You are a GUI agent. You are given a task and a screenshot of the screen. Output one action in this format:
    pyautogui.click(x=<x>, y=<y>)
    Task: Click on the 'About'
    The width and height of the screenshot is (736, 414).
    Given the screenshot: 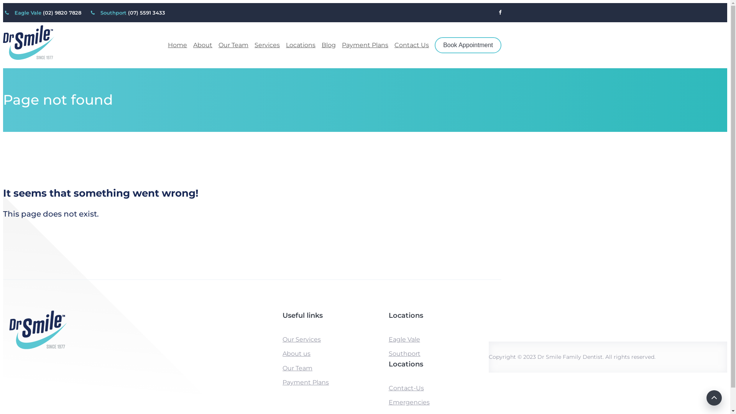 What is the action you would take?
    pyautogui.click(x=202, y=45)
    